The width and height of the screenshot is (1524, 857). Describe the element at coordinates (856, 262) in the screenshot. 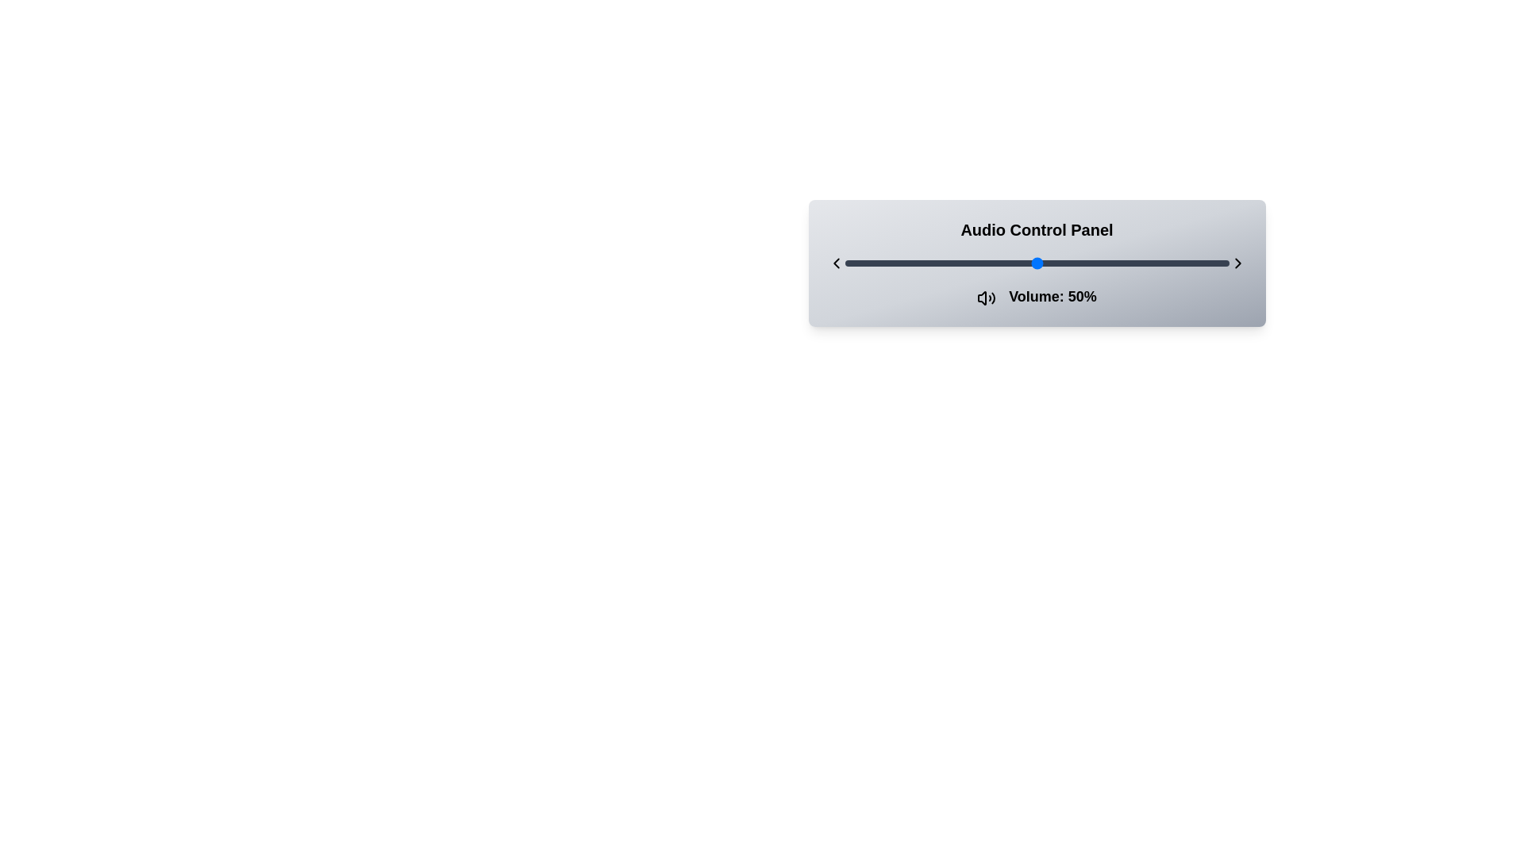

I see `the volume` at that location.